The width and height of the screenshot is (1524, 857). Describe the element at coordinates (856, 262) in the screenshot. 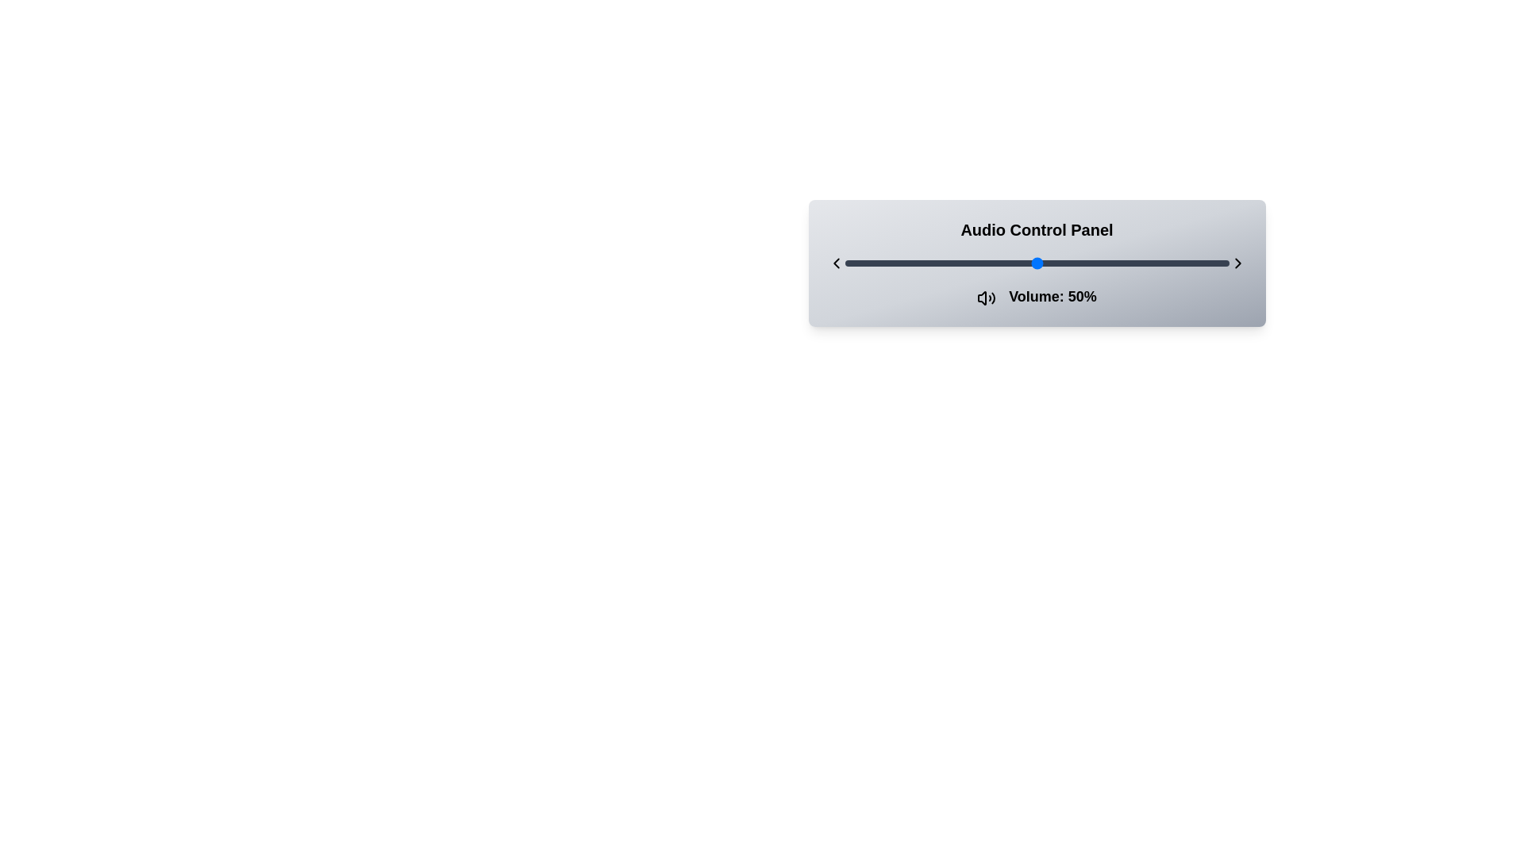

I see `the volume` at that location.